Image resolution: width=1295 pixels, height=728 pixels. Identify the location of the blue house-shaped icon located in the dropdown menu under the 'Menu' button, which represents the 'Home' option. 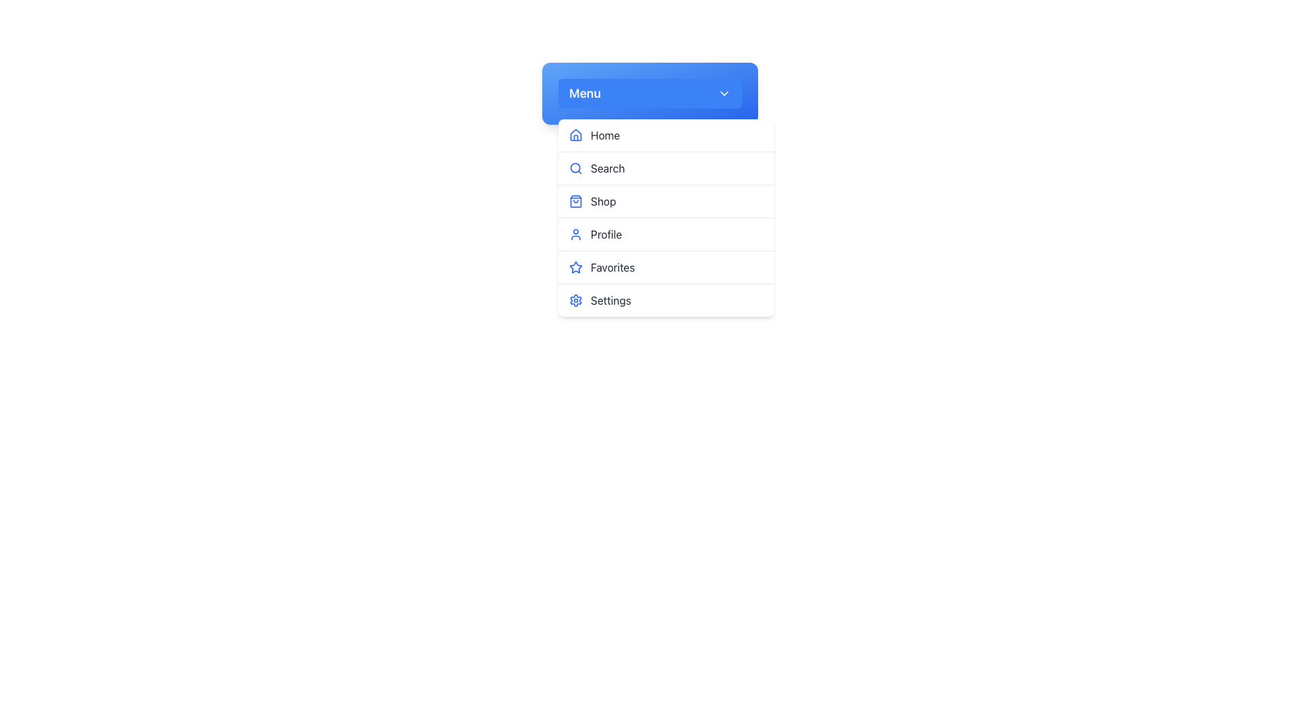
(576, 135).